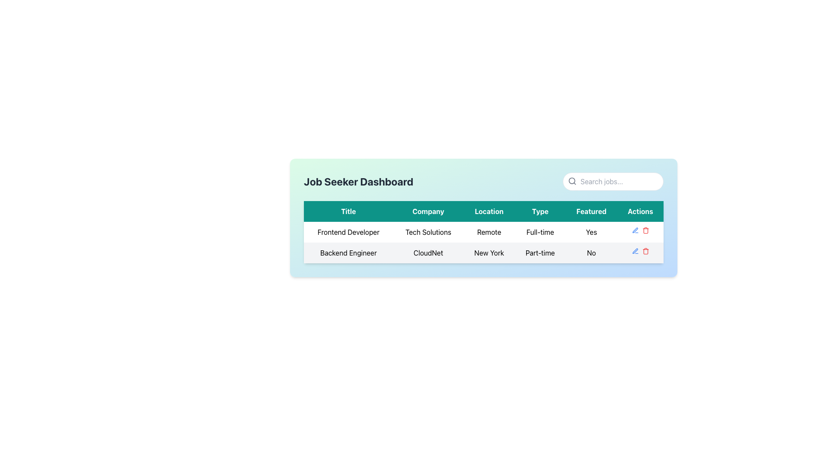  What do you see at coordinates (489, 253) in the screenshot?
I see `text from the 'Location' cell in the third column of the second row of the table` at bounding box center [489, 253].